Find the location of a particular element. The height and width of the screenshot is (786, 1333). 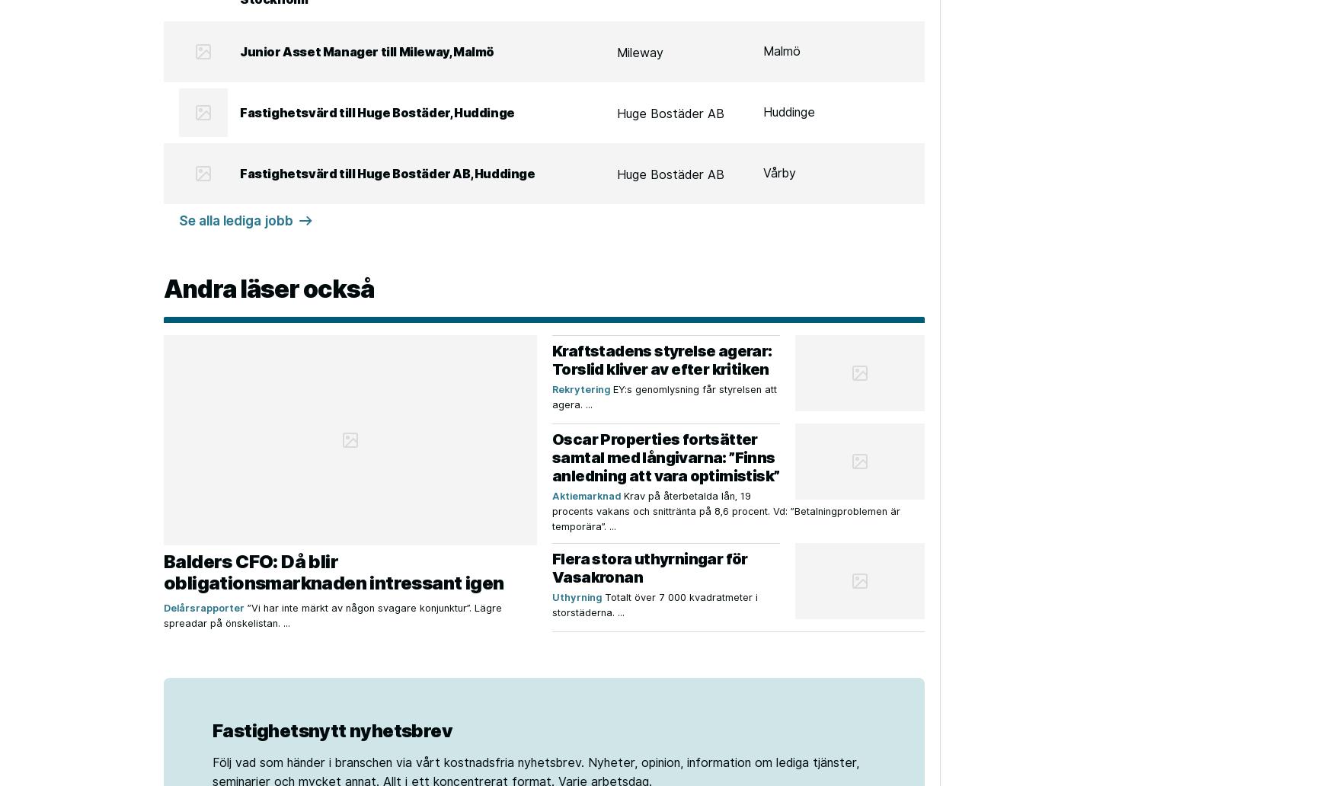

'Balders CFO: Då blir obligationsmarknaden intressant igen' is located at coordinates (334, 571).